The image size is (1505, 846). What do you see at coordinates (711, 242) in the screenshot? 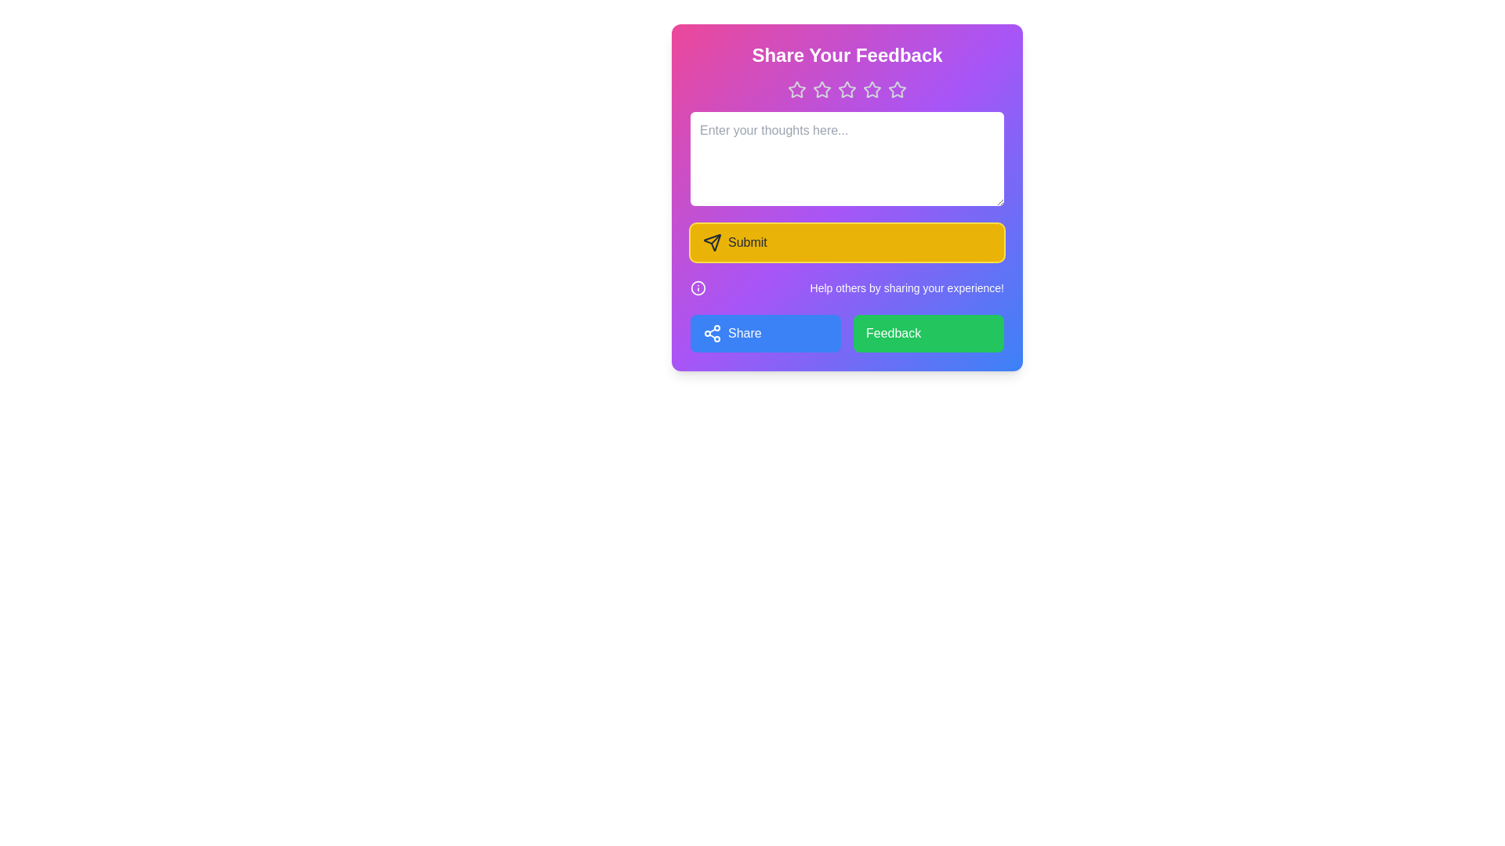
I see `the 'Submit' button which contains a graphical icon resembling a paper airplane, located at the center of the feedback form` at bounding box center [711, 242].